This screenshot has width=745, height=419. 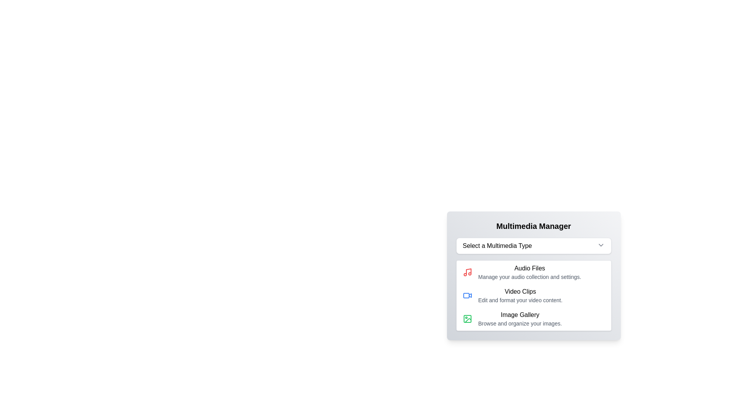 I want to click on the dropdown menu for multimedia type selection, which is centrally positioned below the title 'Multimedia Manager', so click(x=533, y=246).